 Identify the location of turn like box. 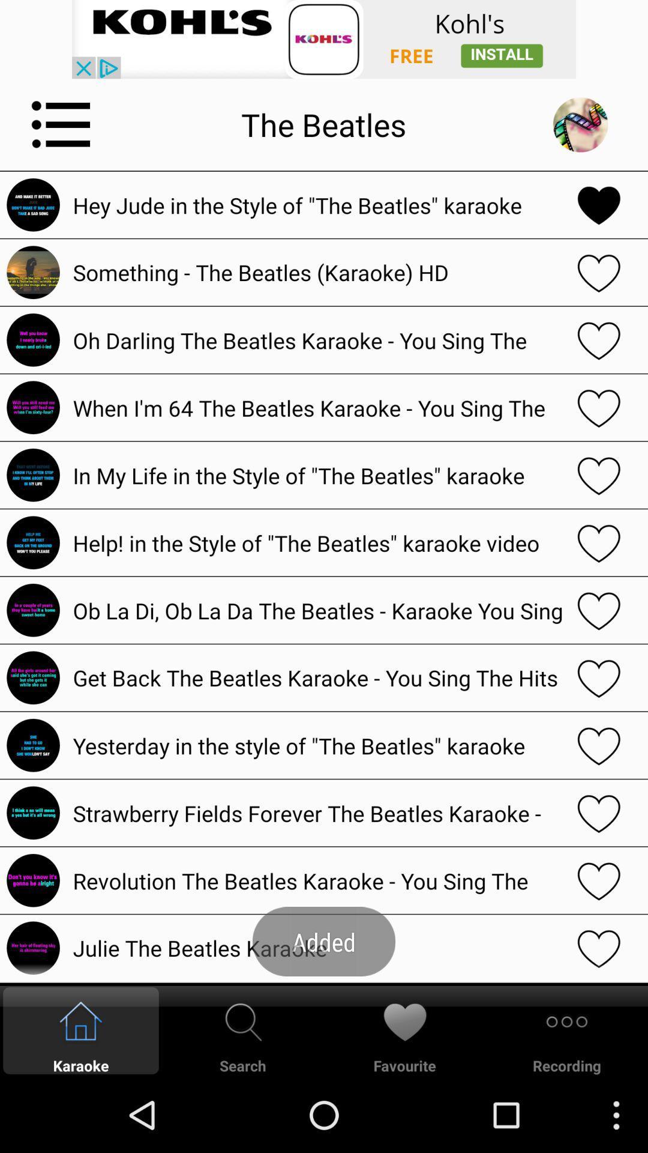
(599, 677).